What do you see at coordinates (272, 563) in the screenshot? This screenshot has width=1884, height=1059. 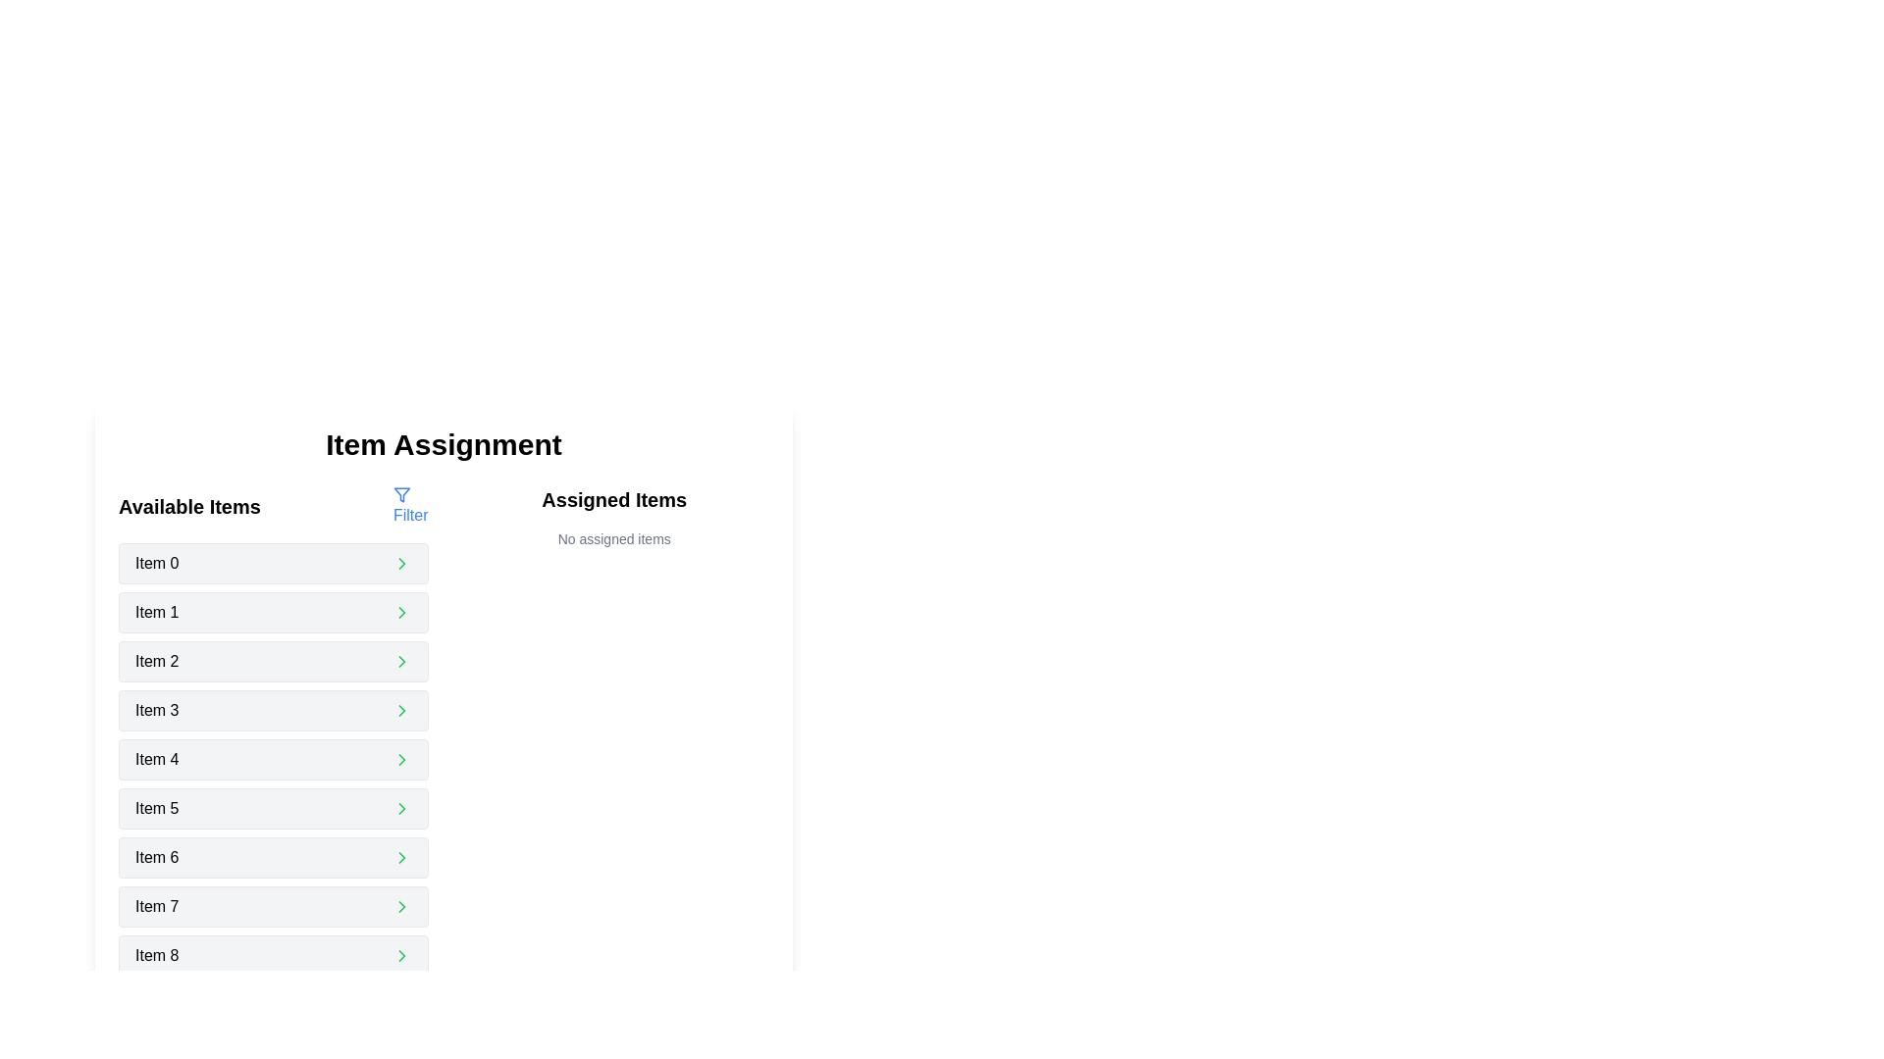 I see `the first list item labeled 'Item 0'` at bounding box center [272, 563].